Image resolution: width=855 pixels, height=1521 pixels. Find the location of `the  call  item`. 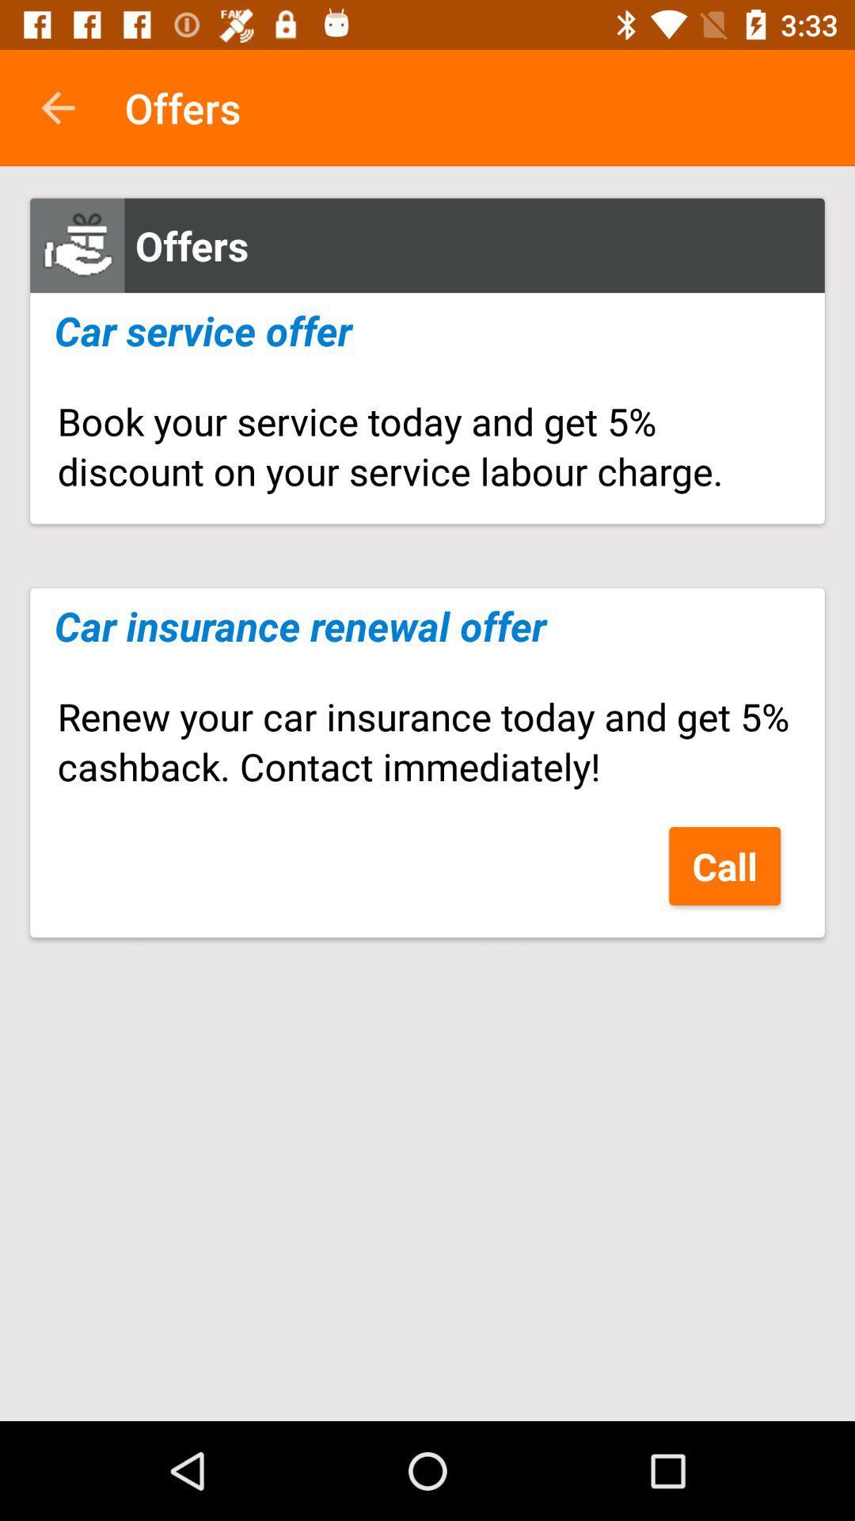

the  call  item is located at coordinates (724, 865).